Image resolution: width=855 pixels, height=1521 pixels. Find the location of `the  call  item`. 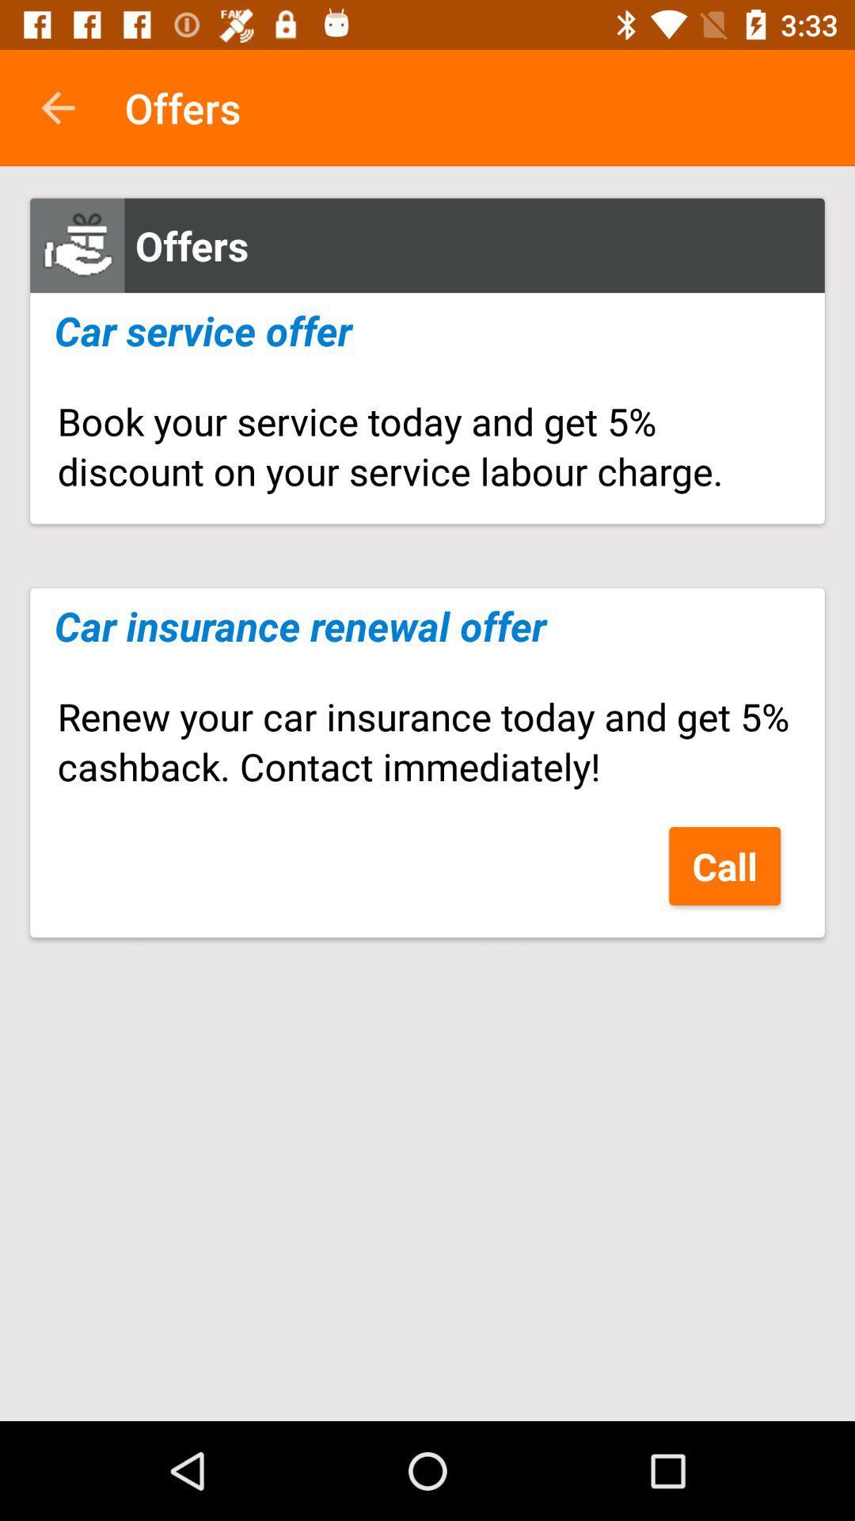

the  call  item is located at coordinates (724, 865).